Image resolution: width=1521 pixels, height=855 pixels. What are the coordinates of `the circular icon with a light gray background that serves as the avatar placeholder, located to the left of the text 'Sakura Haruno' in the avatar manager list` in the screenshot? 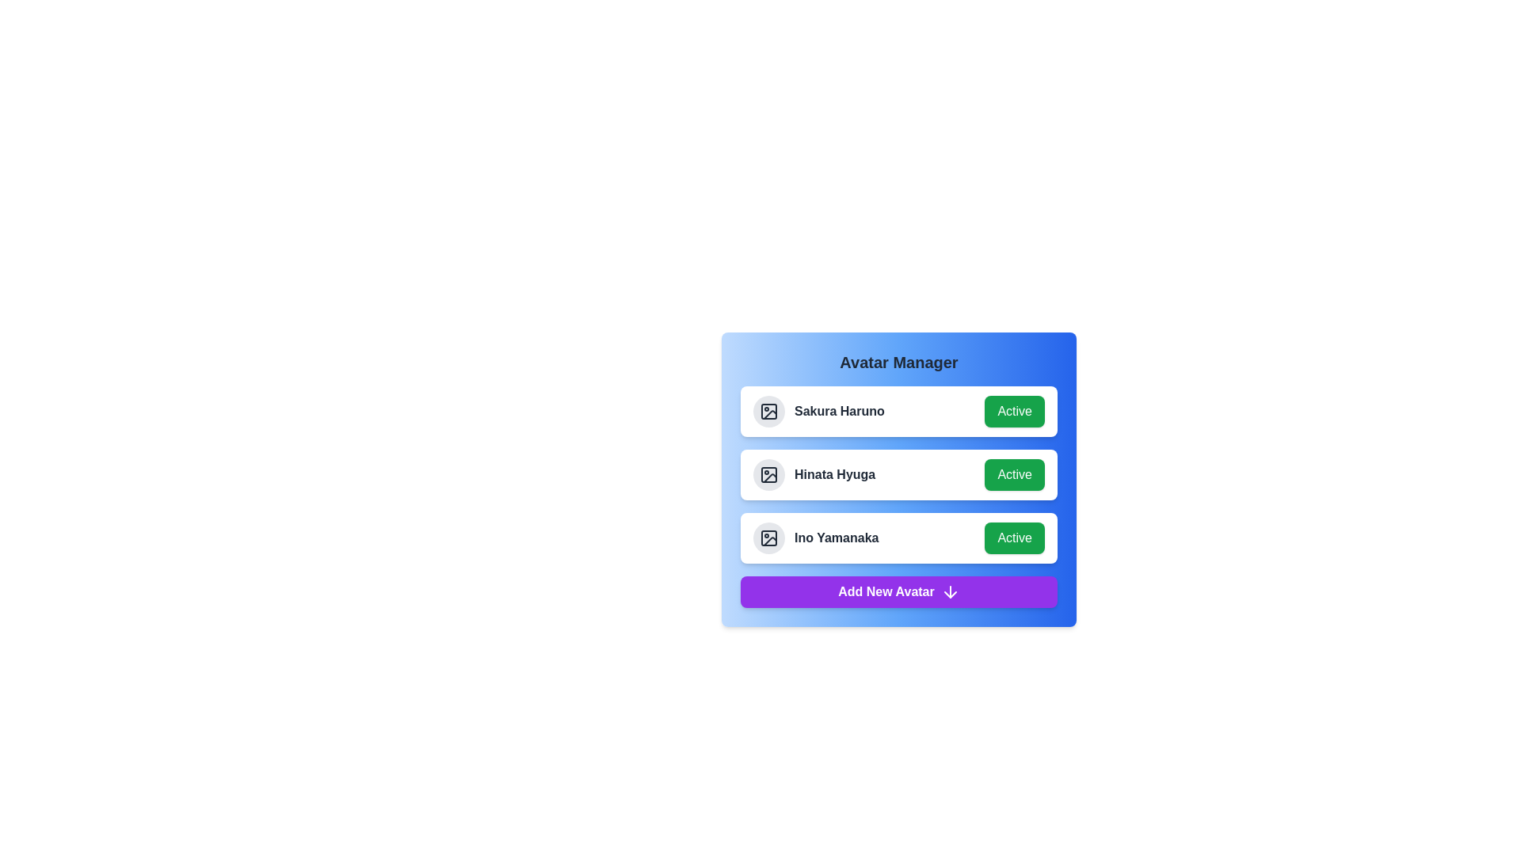 It's located at (768, 411).